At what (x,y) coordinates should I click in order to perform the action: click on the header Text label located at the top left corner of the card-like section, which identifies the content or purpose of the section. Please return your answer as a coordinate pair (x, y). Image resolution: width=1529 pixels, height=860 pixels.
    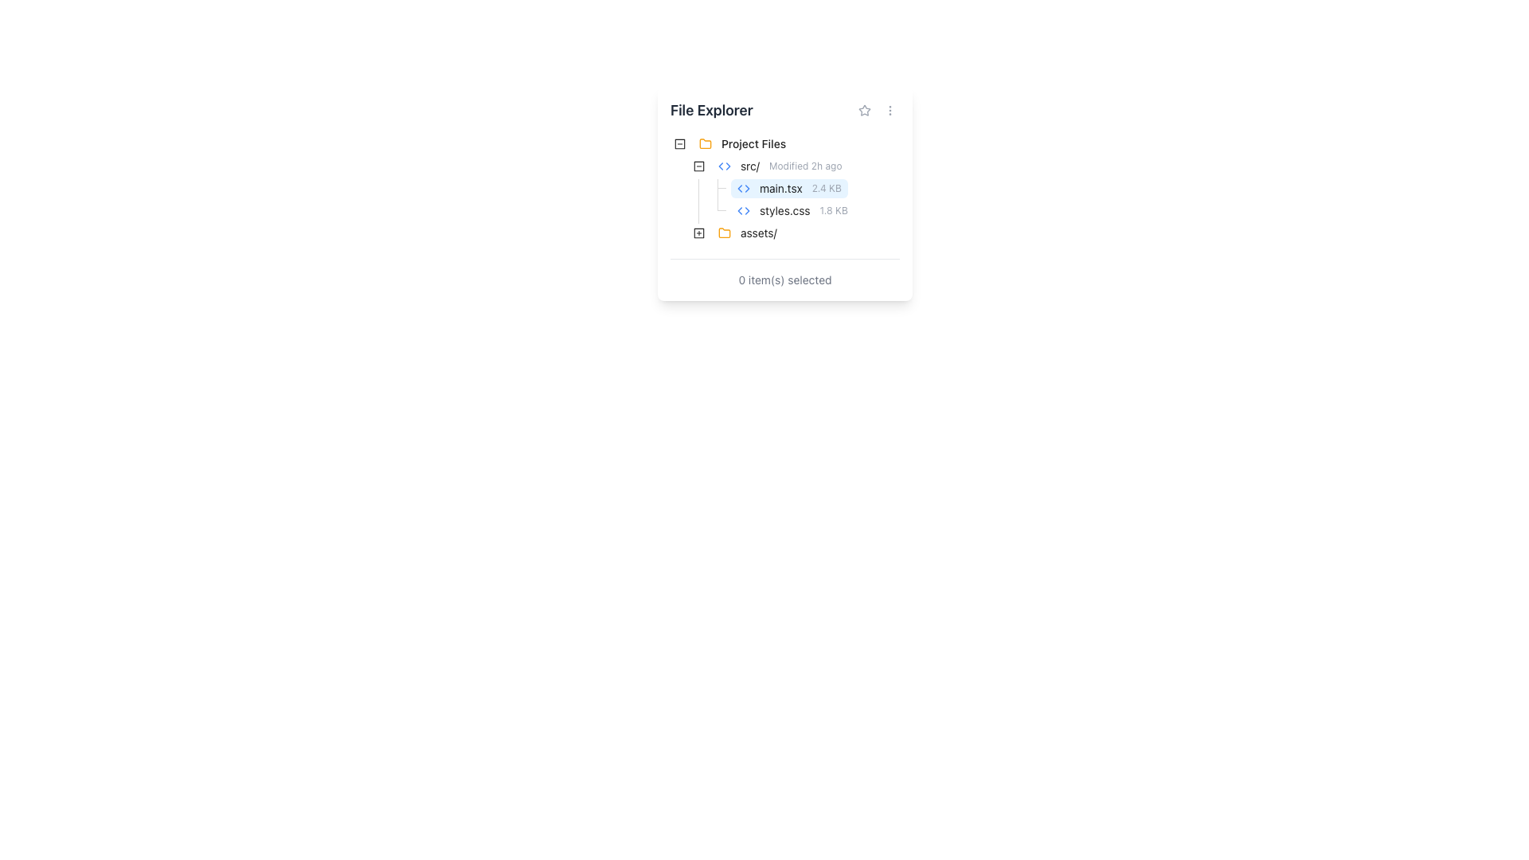
    Looking at the image, I should click on (710, 109).